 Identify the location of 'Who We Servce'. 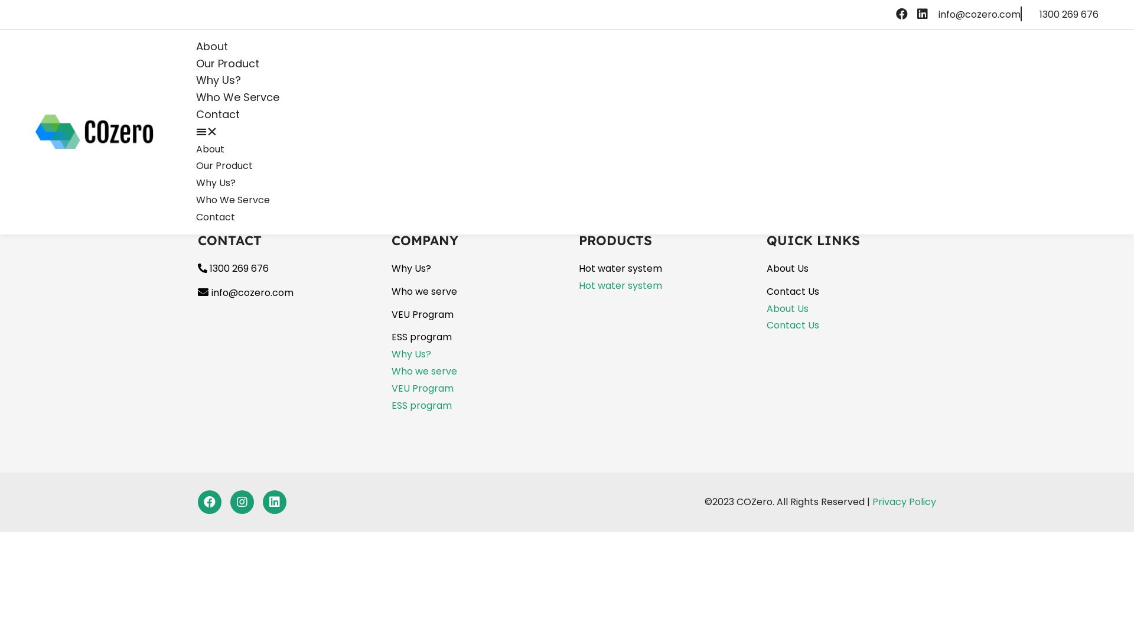
(233, 199).